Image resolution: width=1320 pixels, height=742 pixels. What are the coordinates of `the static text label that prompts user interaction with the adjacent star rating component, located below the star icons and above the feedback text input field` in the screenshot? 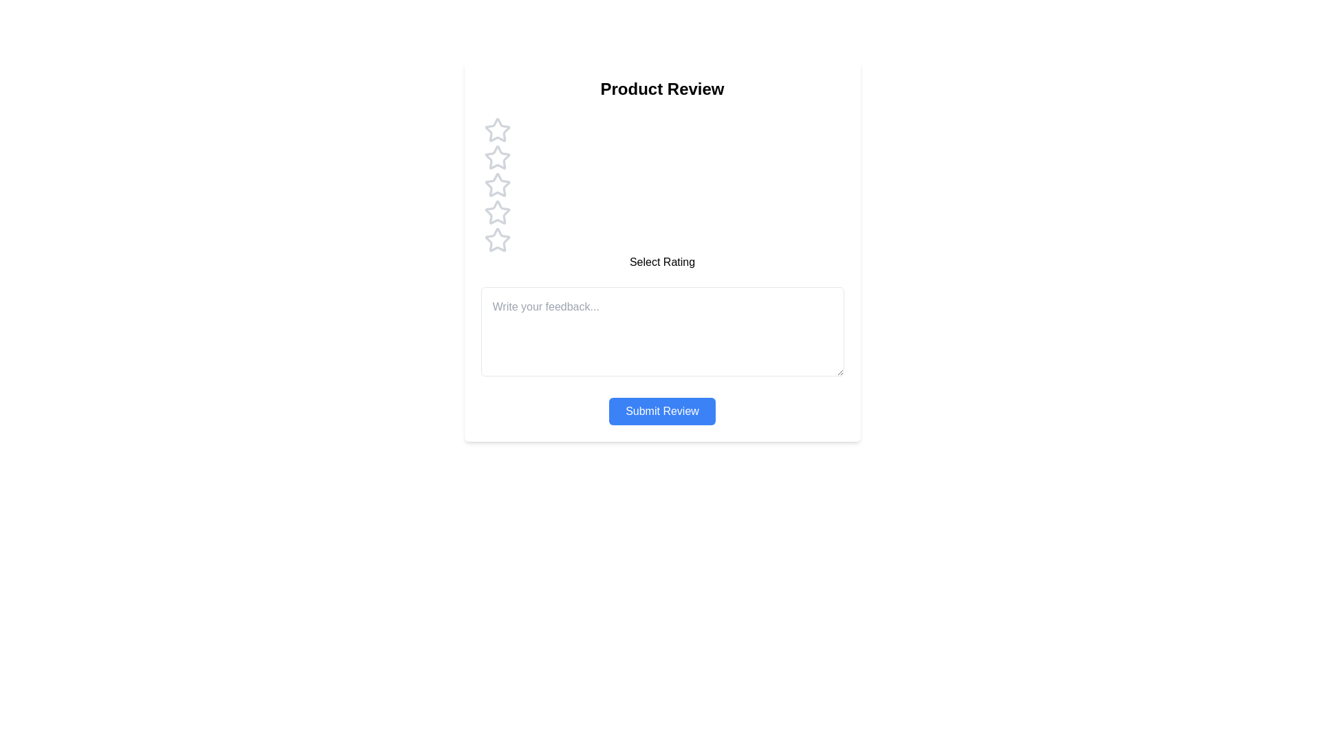 It's located at (662, 262).